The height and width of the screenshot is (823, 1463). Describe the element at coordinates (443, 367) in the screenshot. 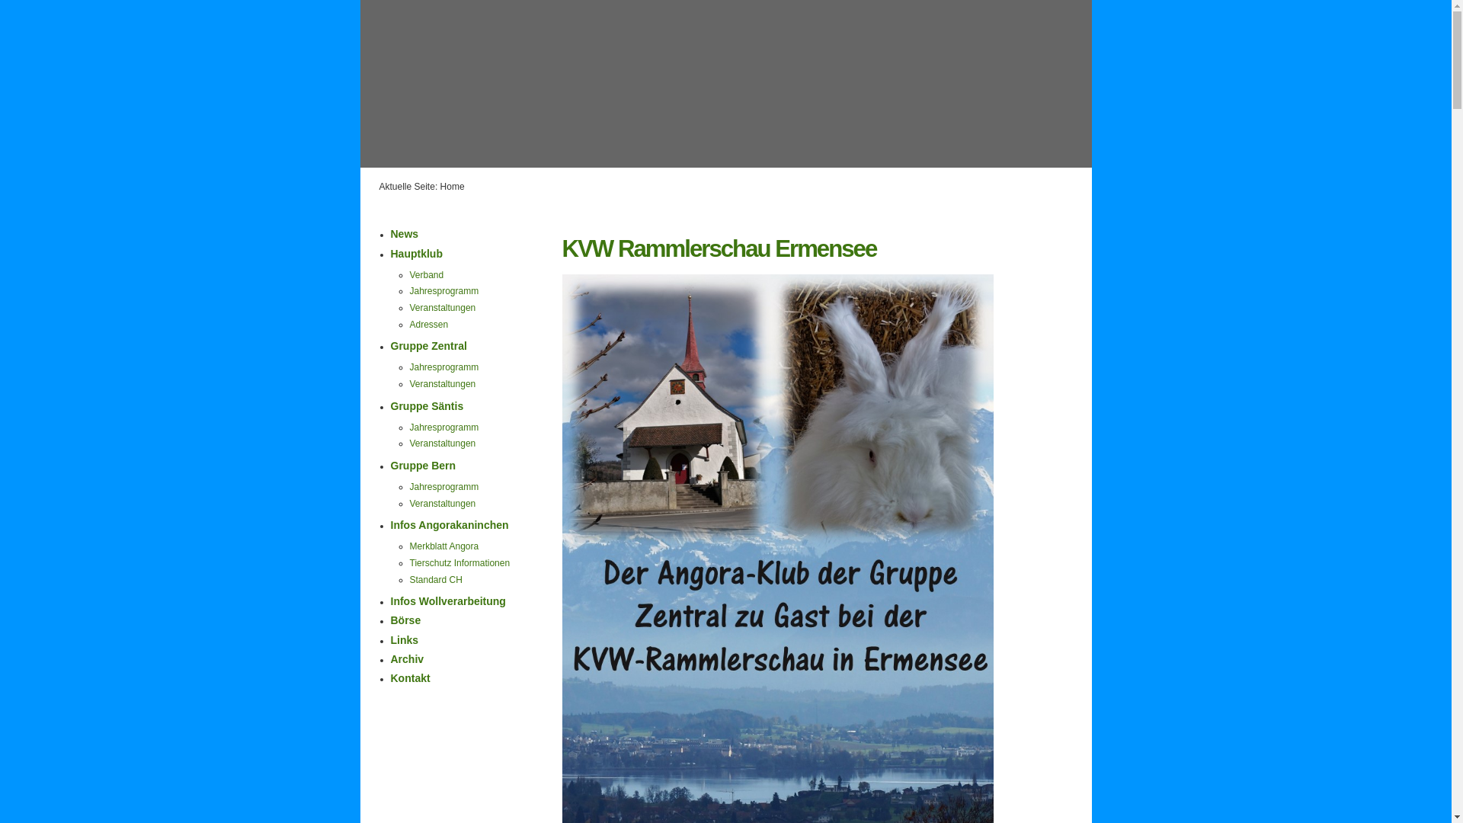

I see `'Jahresprogramm'` at that location.